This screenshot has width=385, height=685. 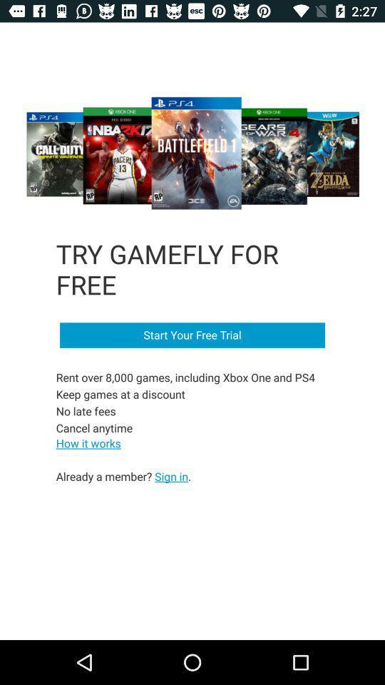 I want to click on icon below try gamefly for icon, so click(x=192, y=335).